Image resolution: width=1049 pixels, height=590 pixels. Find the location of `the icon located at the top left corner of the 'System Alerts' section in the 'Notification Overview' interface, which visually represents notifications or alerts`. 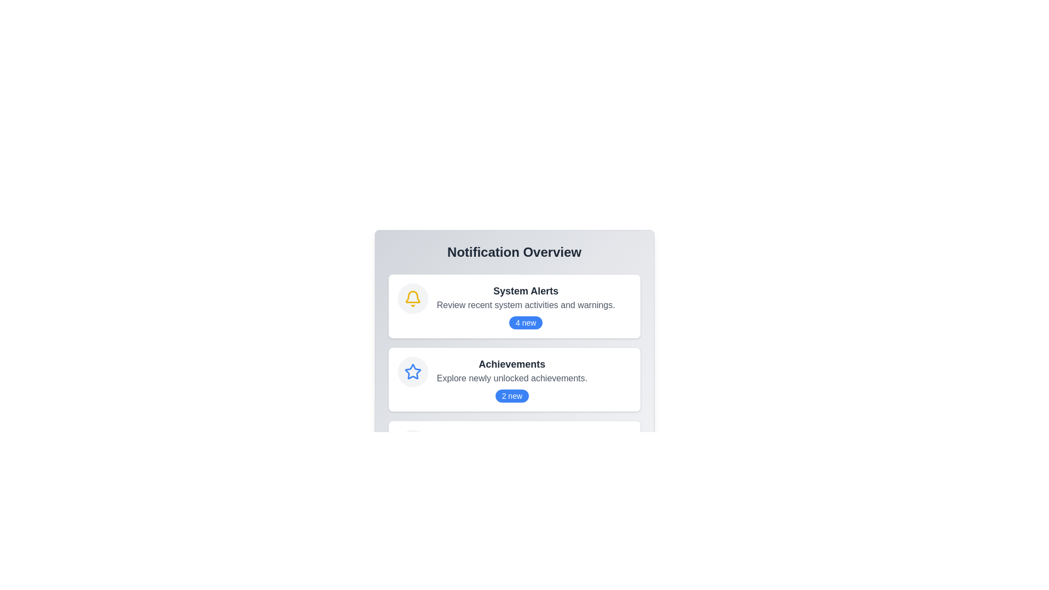

the icon located at the top left corner of the 'System Alerts' section in the 'Notification Overview' interface, which visually represents notifications or alerts is located at coordinates (412, 297).